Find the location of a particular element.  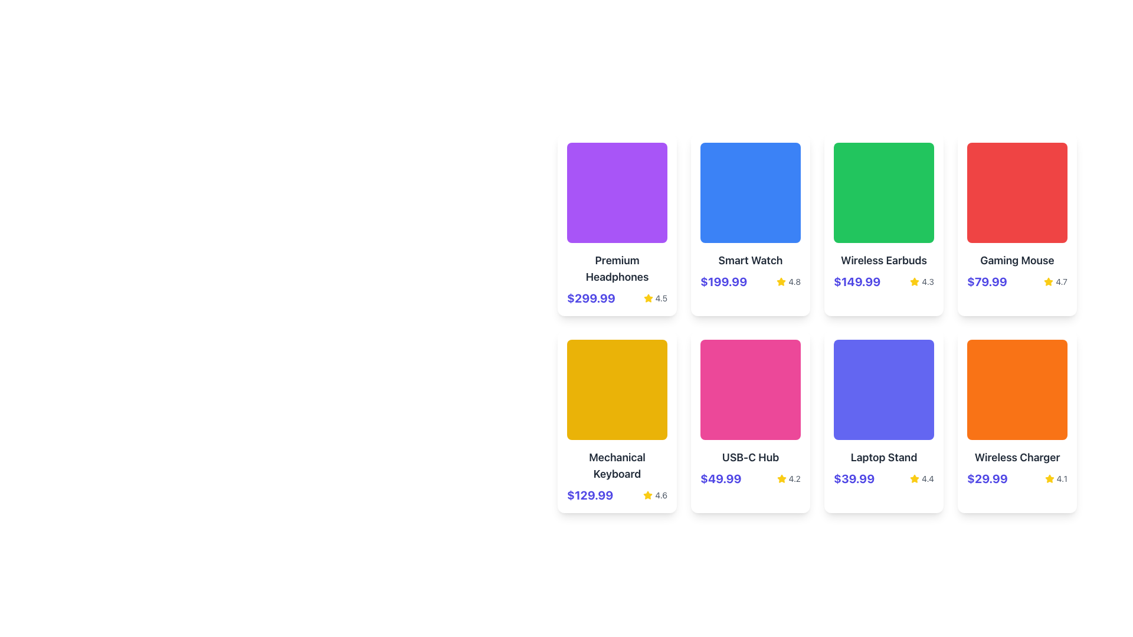

the numeric text value '4.5' displayed in a small, gray-colored font next to the star icon in the ratings component, located in the bottom-right area of the card component is located at coordinates (661, 297).